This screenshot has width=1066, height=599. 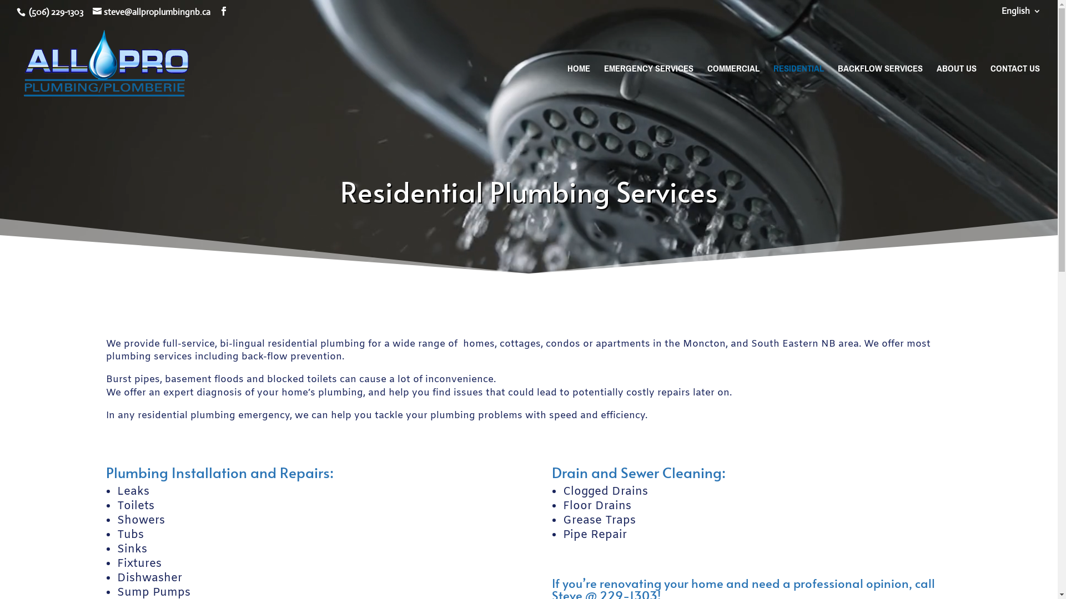 What do you see at coordinates (1021, 14) in the screenshot?
I see `'English'` at bounding box center [1021, 14].